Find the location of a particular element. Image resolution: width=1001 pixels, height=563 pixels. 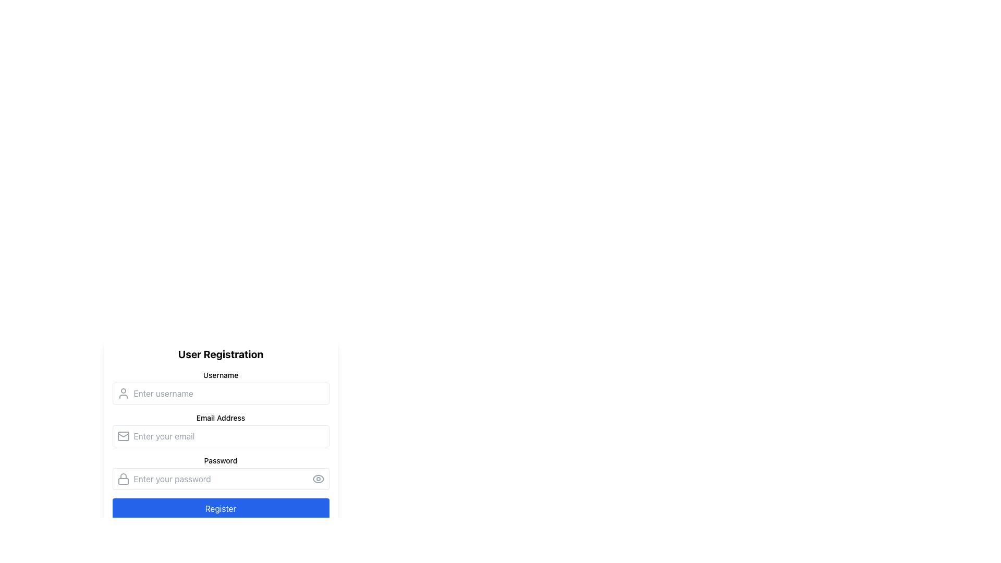

placeholder text 'Enter your email' in the email address input field, which is labeled above with bold font and contains an envelope icon inside is located at coordinates (220, 430).